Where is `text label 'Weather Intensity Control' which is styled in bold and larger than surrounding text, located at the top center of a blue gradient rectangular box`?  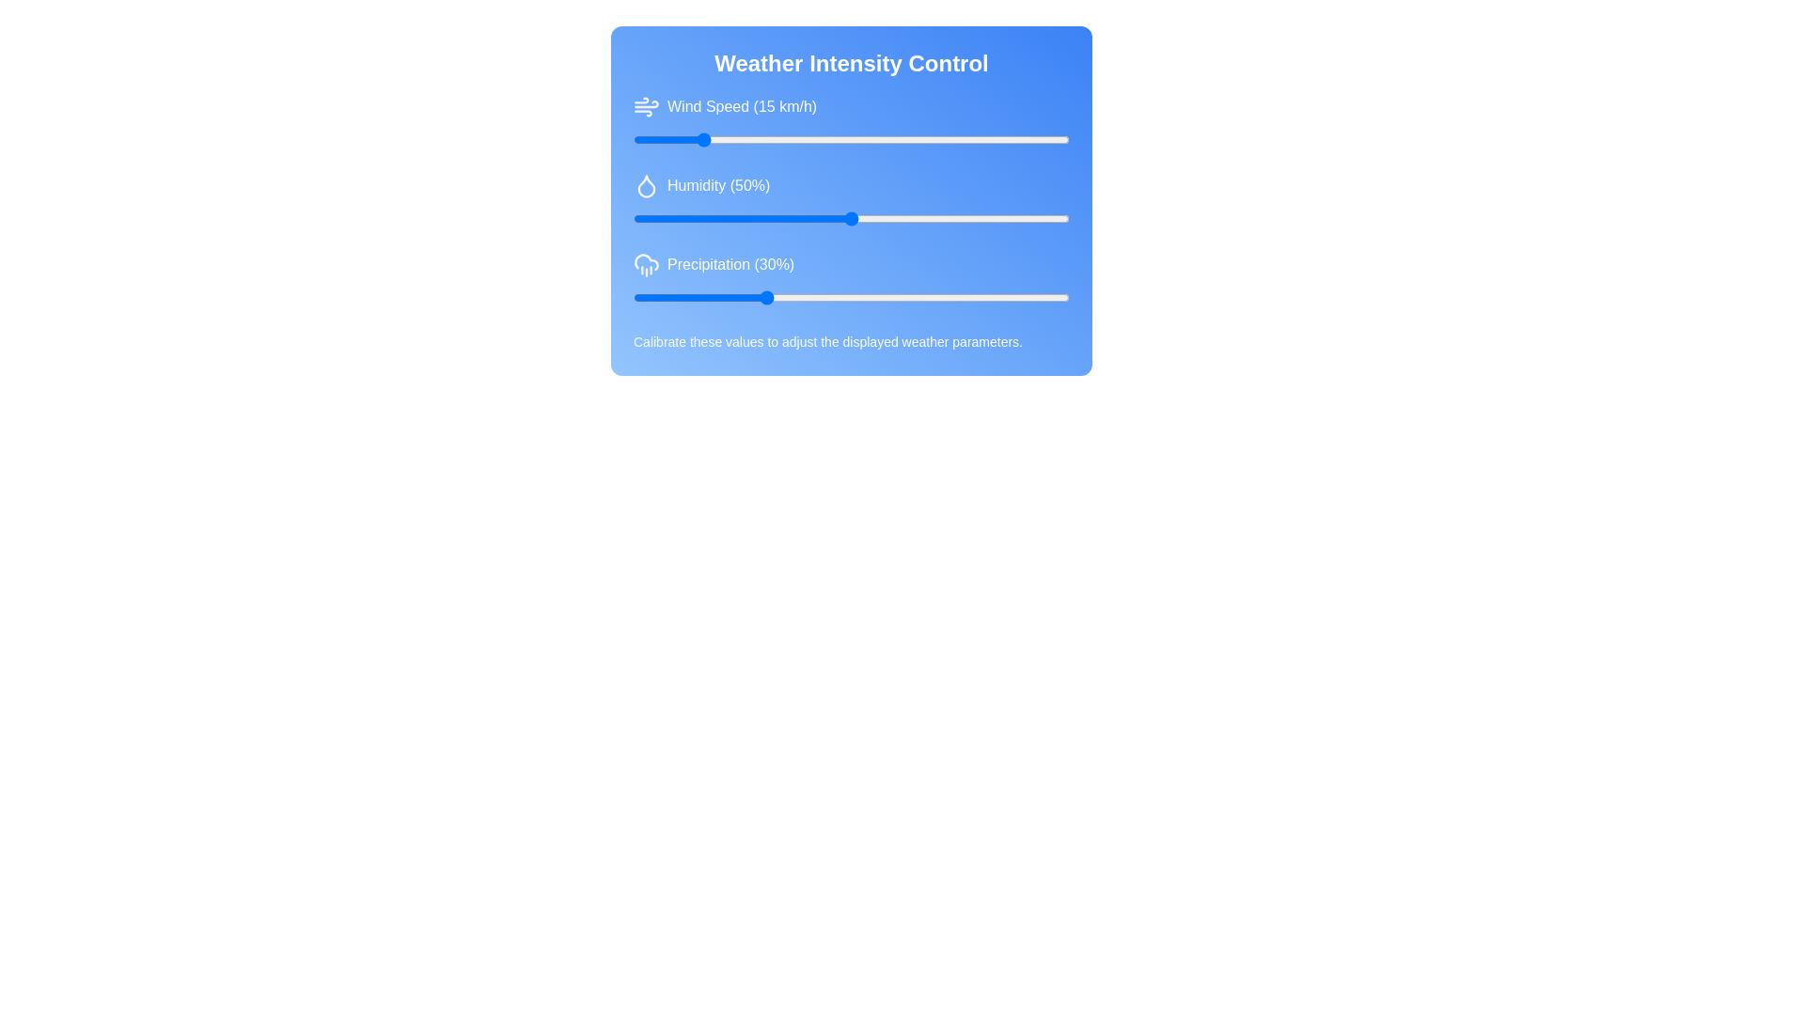 text label 'Weather Intensity Control' which is styled in bold and larger than surrounding text, located at the top center of a blue gradient rectangular box is located at coordinates (851, 63).